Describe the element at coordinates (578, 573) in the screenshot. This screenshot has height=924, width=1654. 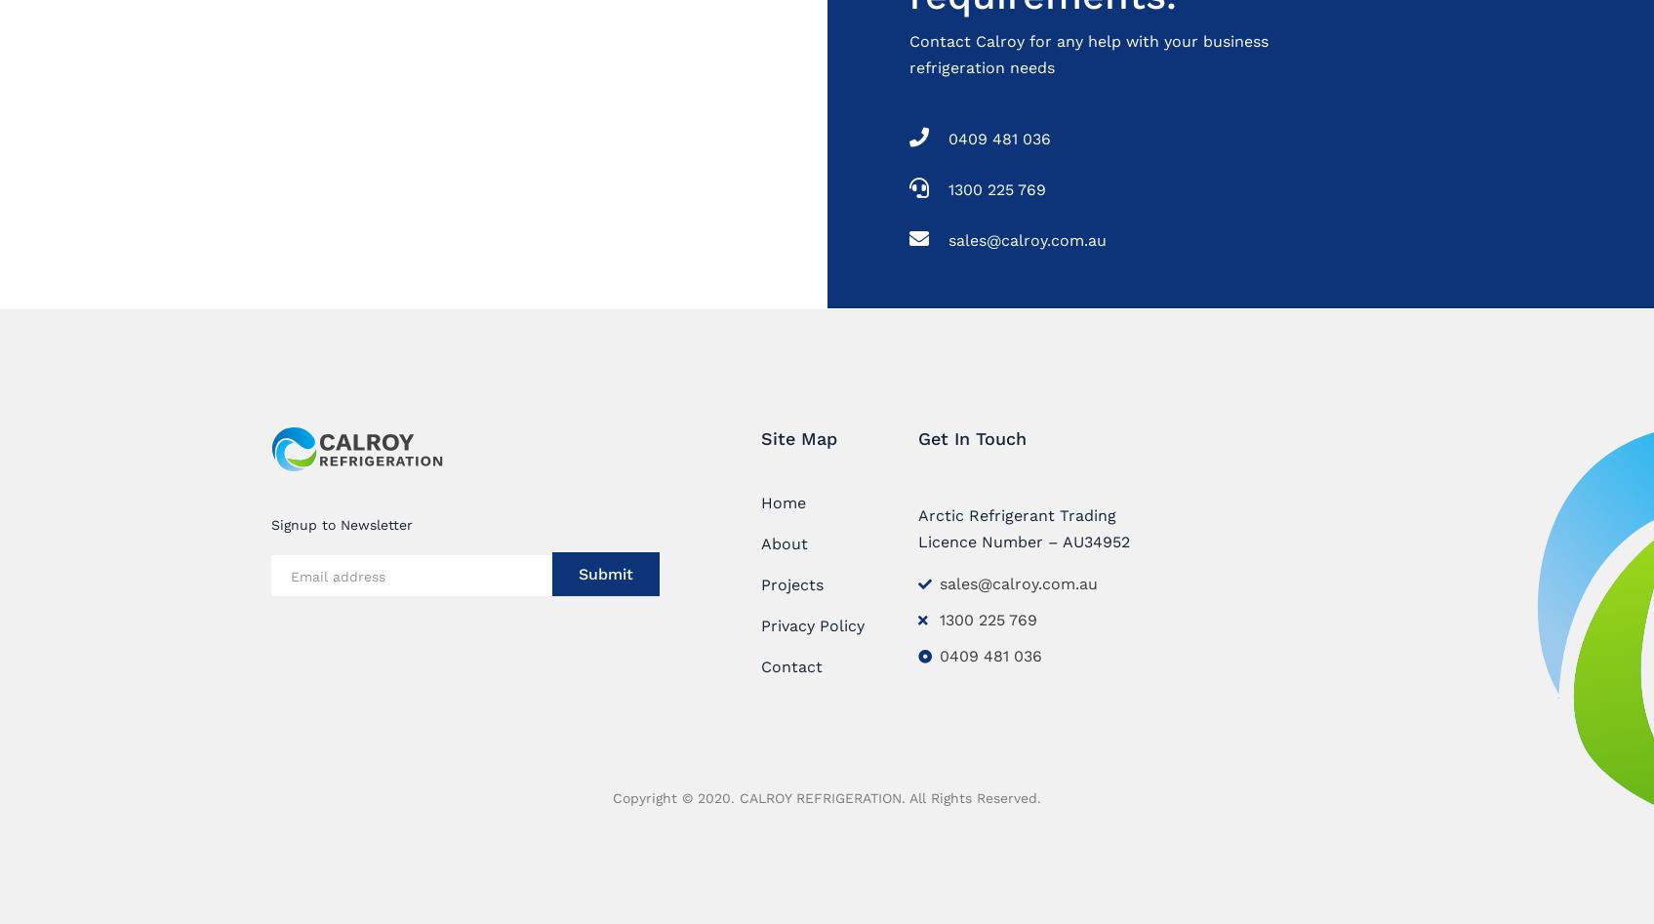
I see `'Submit'` at that location.